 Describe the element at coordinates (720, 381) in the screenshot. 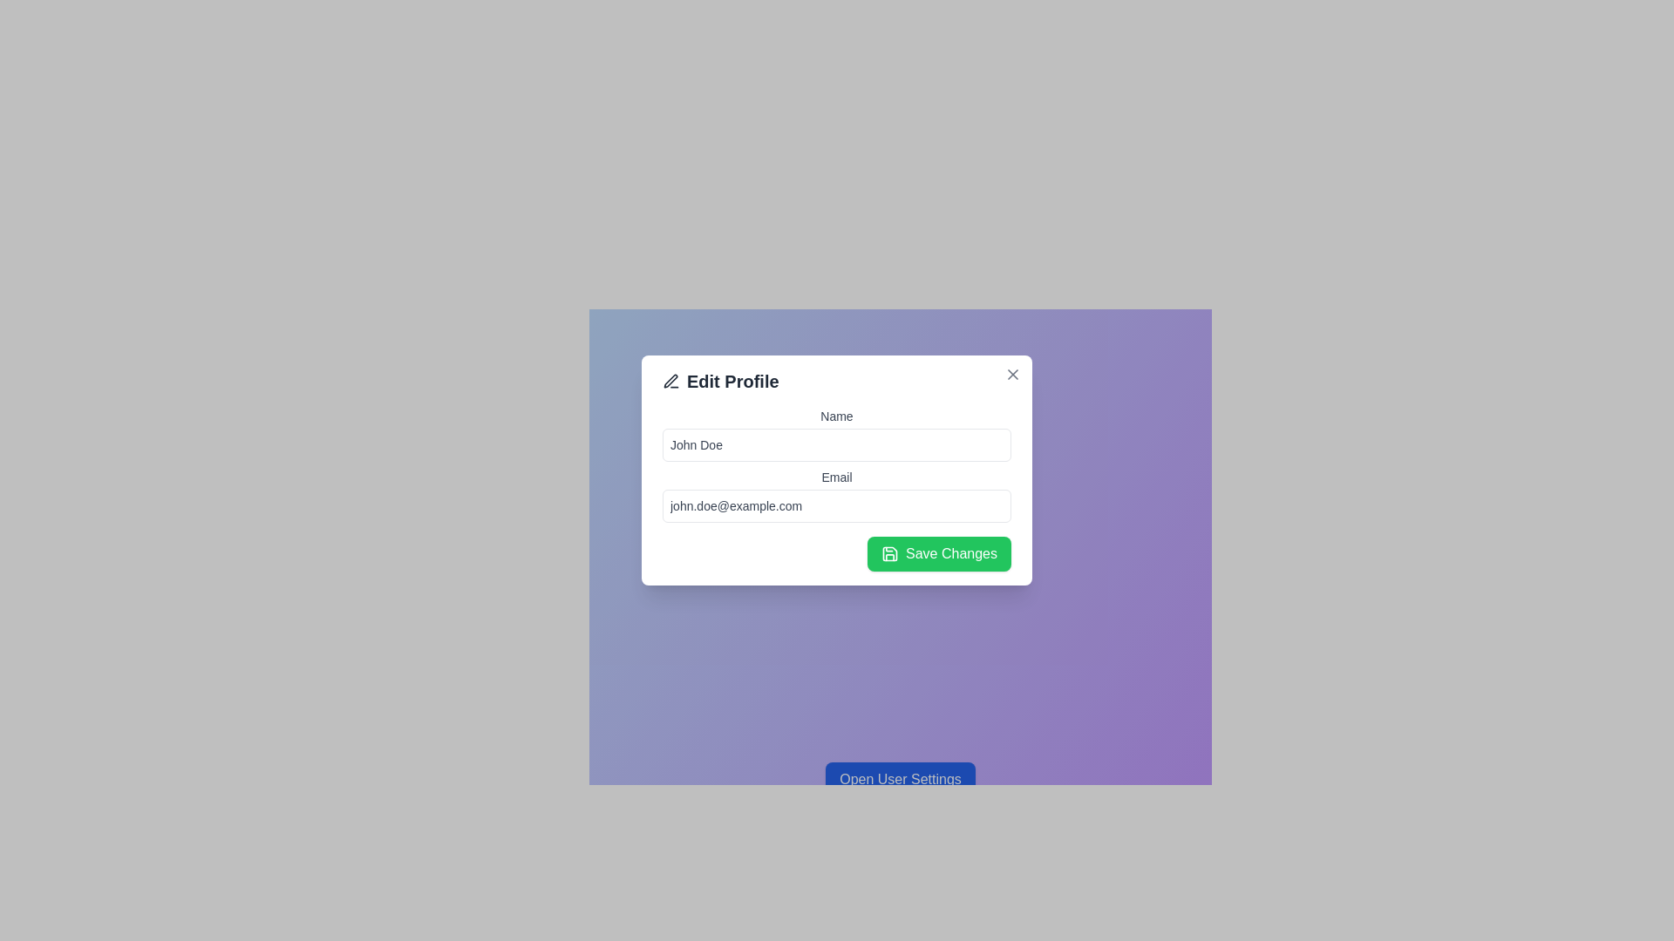

I see `Text label that serves as a heading for the profile editing dialog box, located to the right of the pen icon, for accessibility` at that location.